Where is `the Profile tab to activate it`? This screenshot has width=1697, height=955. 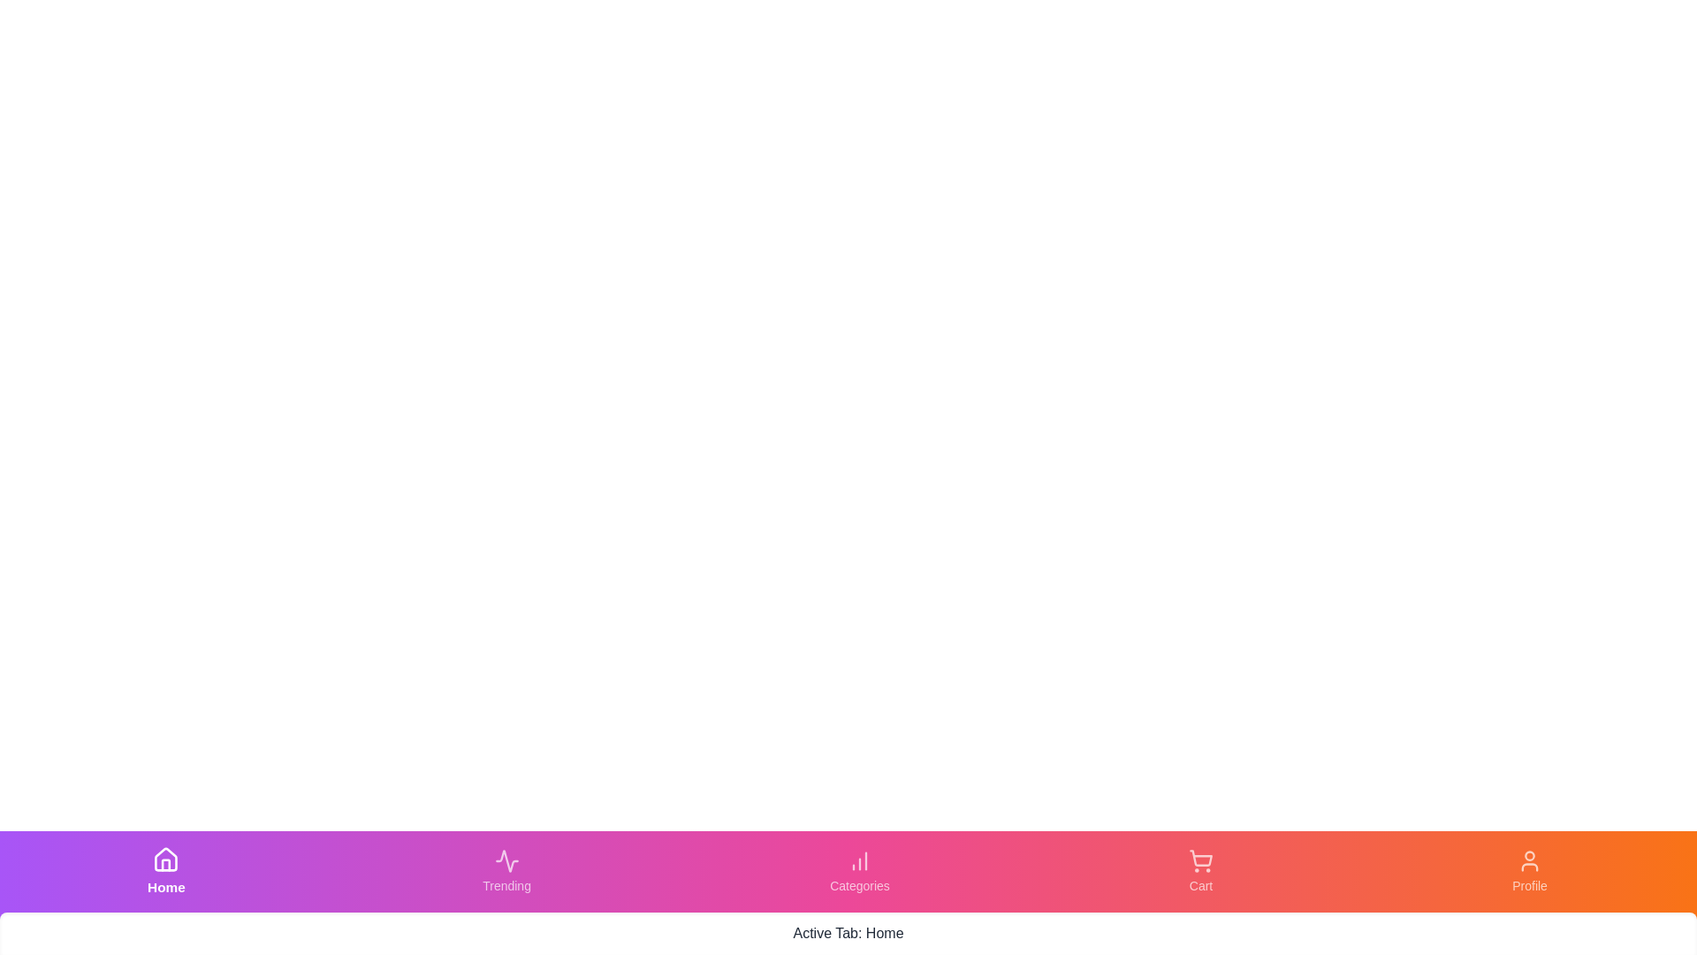
the Profile tab to activate it is located at coordinates (1529, 871).